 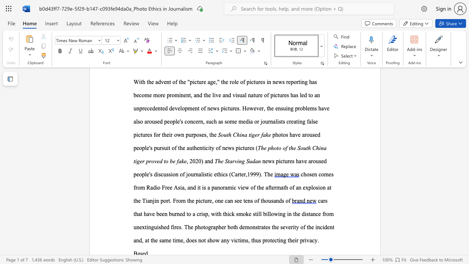 I want to click on the 1th character "a" in the text, so click(x=206, y=161).